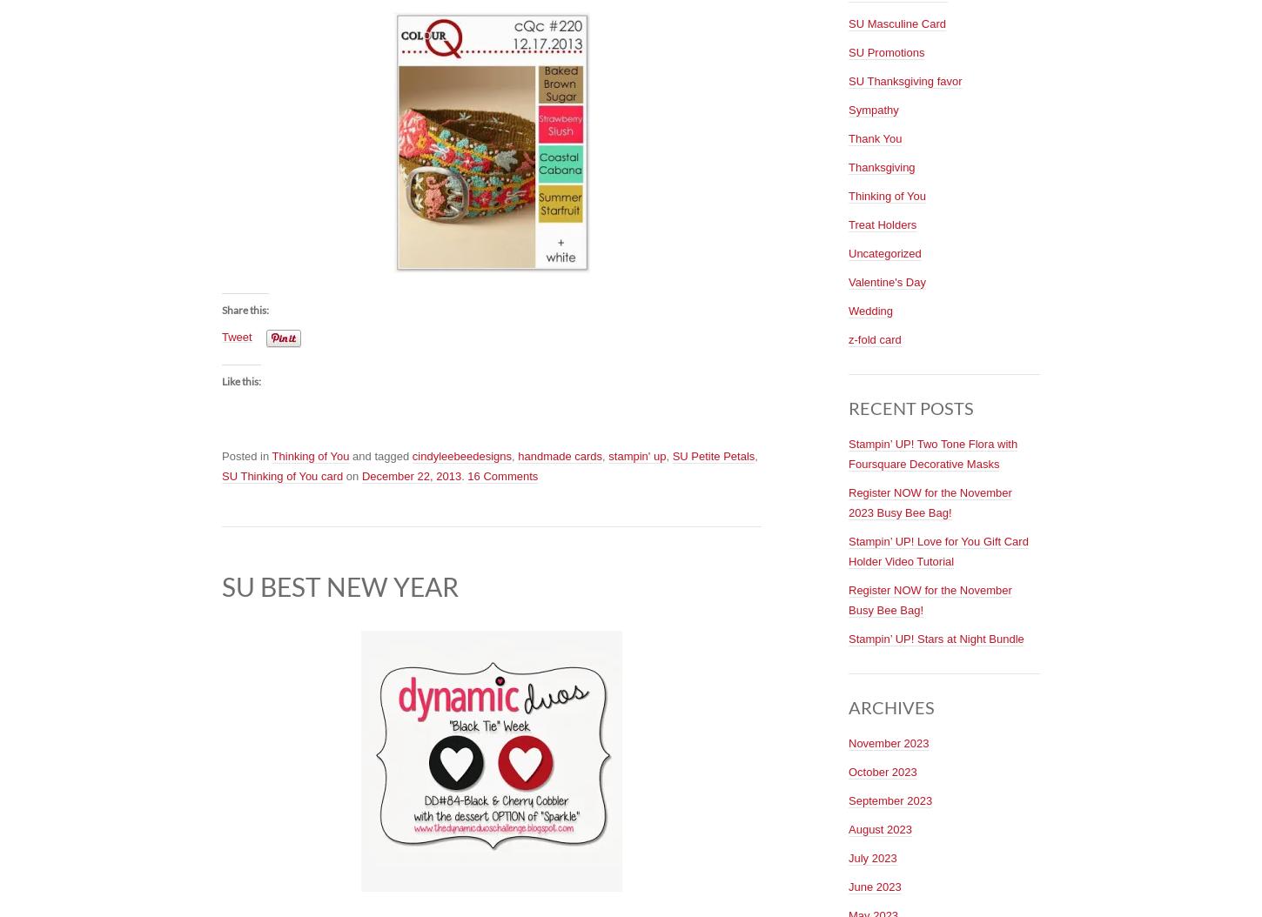 The height and width of the screenshot is (917, 1262). Describe the element at coordinates (904, 79) in the screenshot. I see `'SU Thanksgiving favor'` at that location.